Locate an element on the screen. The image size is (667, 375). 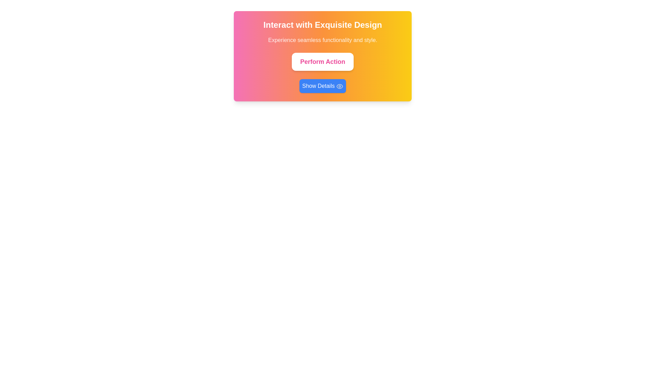
the icon located at the top-right corner of the 'Show Details' button, which is blue with rounded corners is located at coordinates (339, 86).